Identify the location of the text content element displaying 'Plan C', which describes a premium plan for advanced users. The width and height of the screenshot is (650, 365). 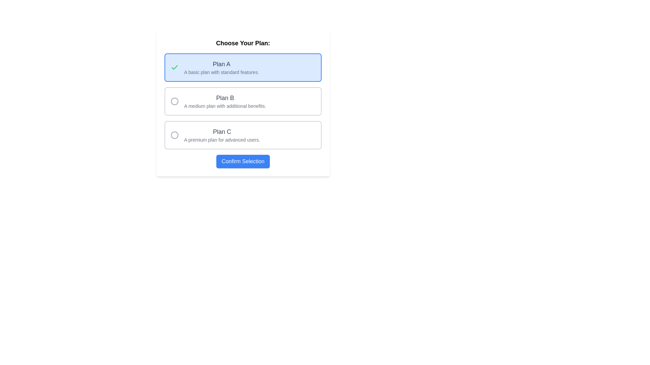
(222, 135).